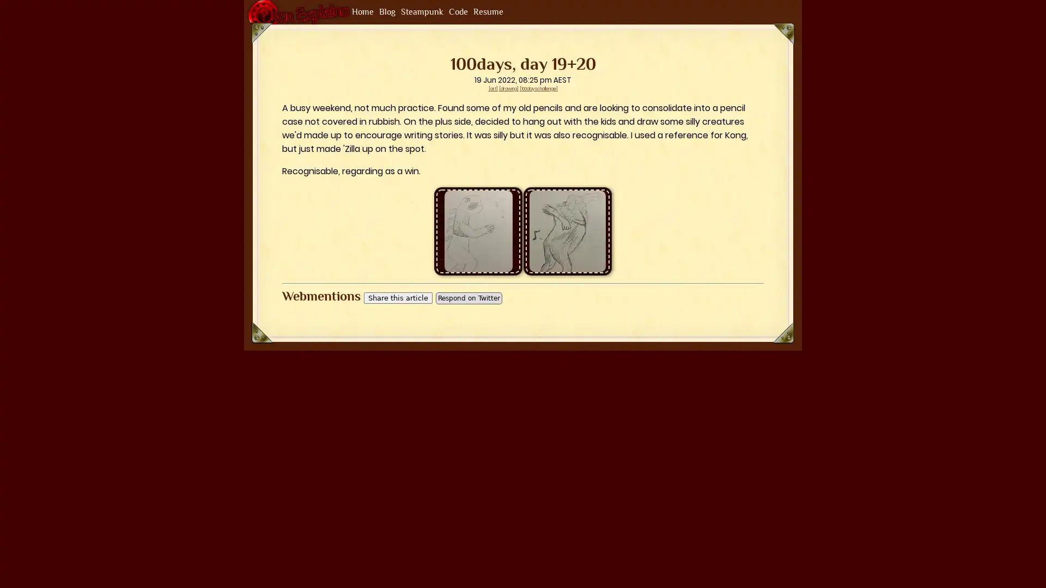  I want to click on Share this article, so click(397, 298).